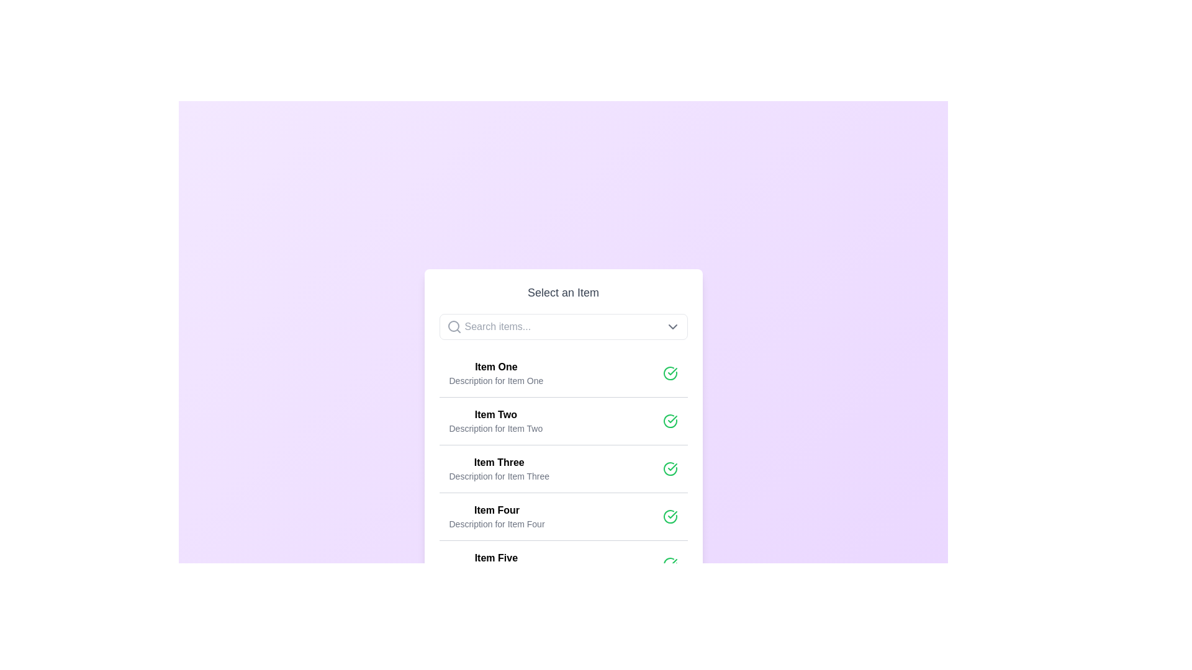  I want to click on the top-most text label that serves as a title for a list entry, positioned at the third item in the list, so click(499, 462).